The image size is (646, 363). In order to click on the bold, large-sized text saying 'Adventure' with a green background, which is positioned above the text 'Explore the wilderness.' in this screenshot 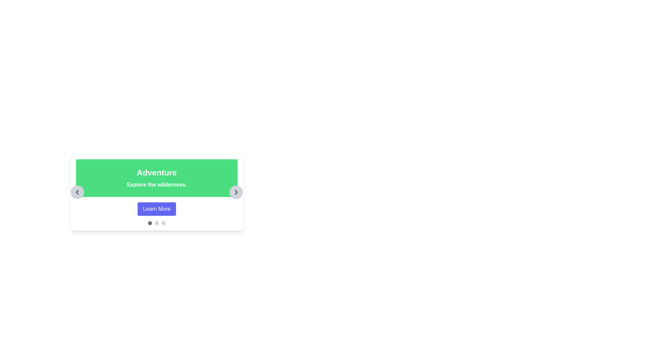, I will do `click(156, 172)`.